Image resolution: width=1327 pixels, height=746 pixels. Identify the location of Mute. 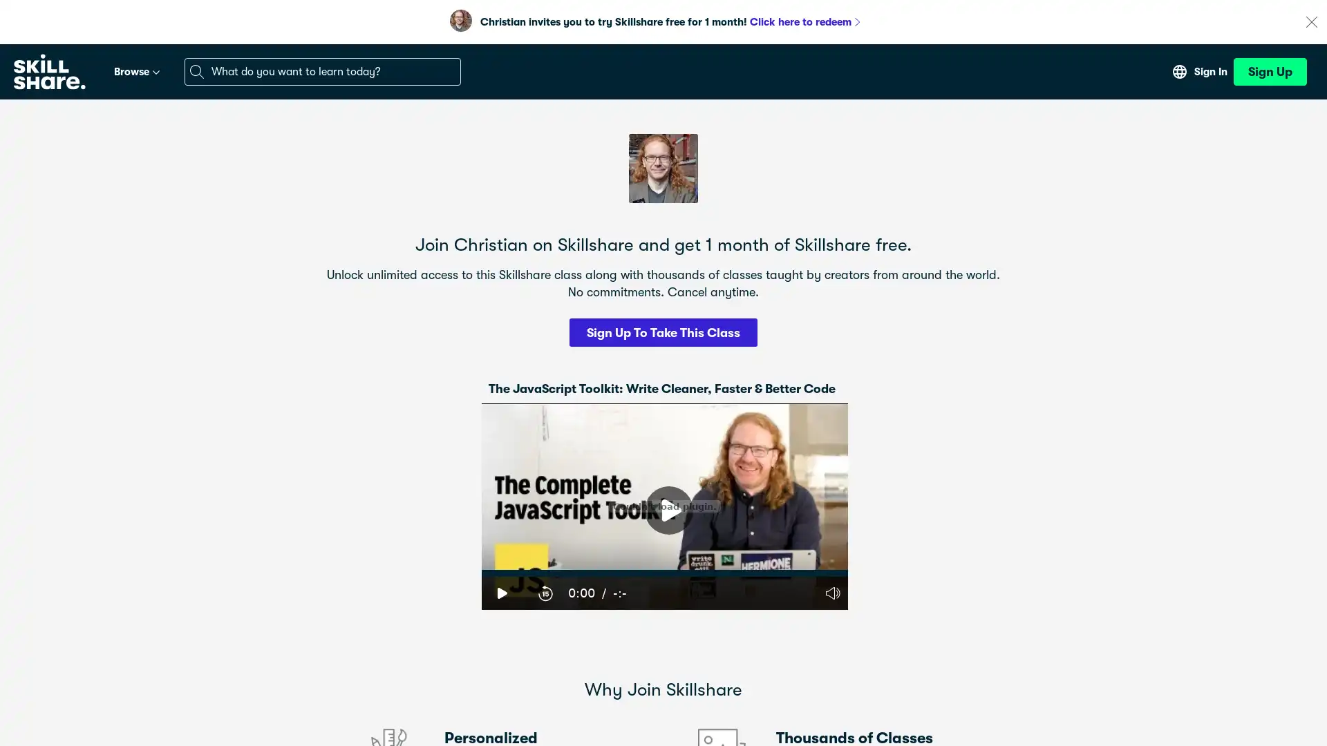
(831, 591).